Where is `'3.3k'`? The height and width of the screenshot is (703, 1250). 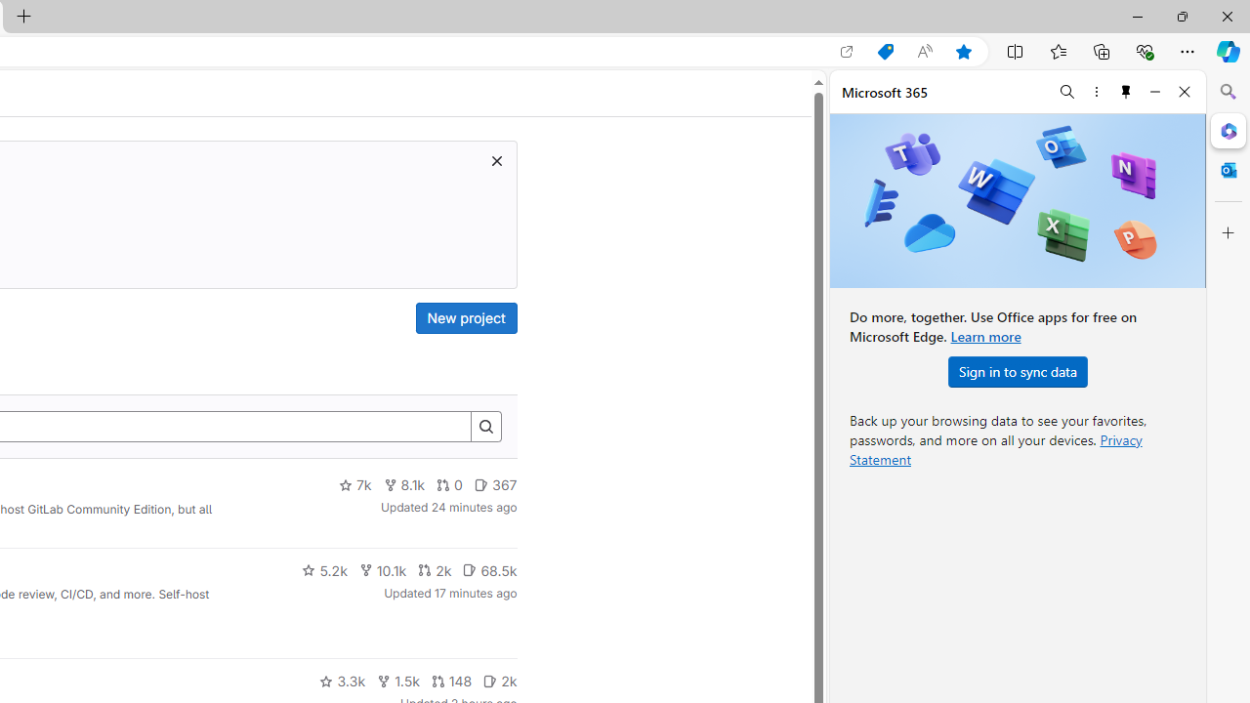
'3.3k' is located at coordinates (342, 681).